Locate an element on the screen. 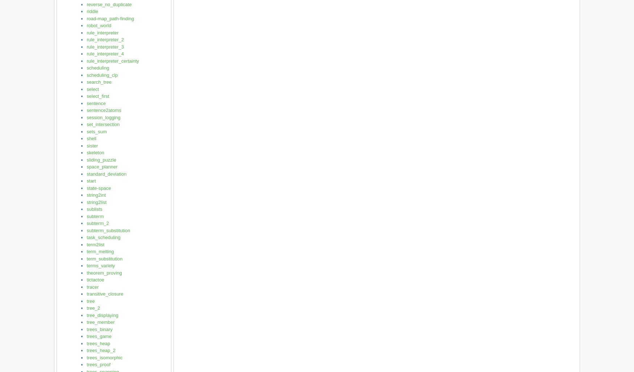  'scheduling_clp' is located at coordinates (101, 74).